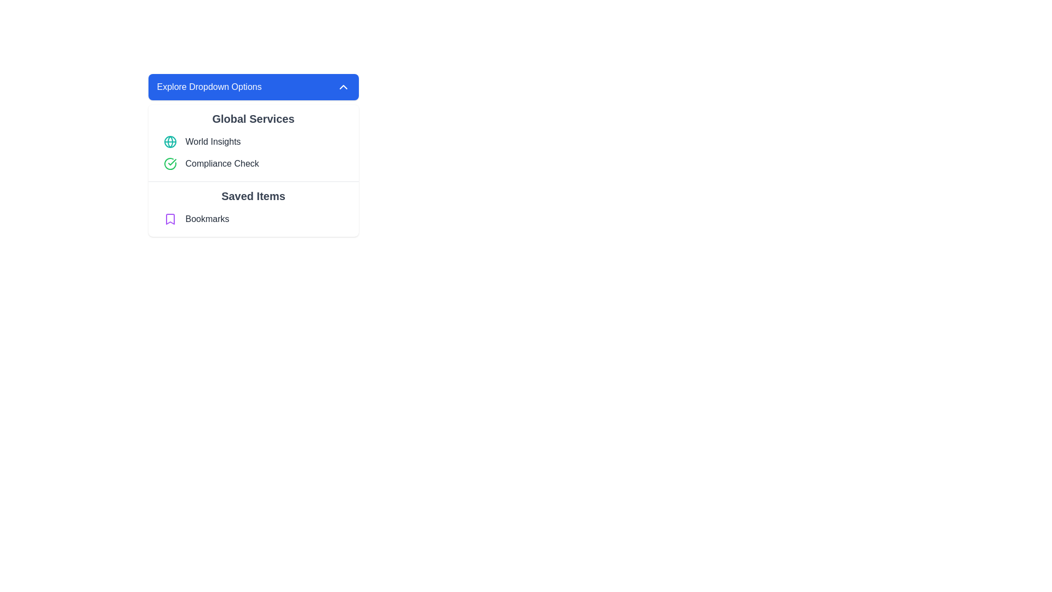 The image size is (1052, 592). I want to click on the bookmarks icon located in the dropdown menu under 'Saved Items', which is the leftmost item in the 'Bookmarks' row, so click(169, 219).